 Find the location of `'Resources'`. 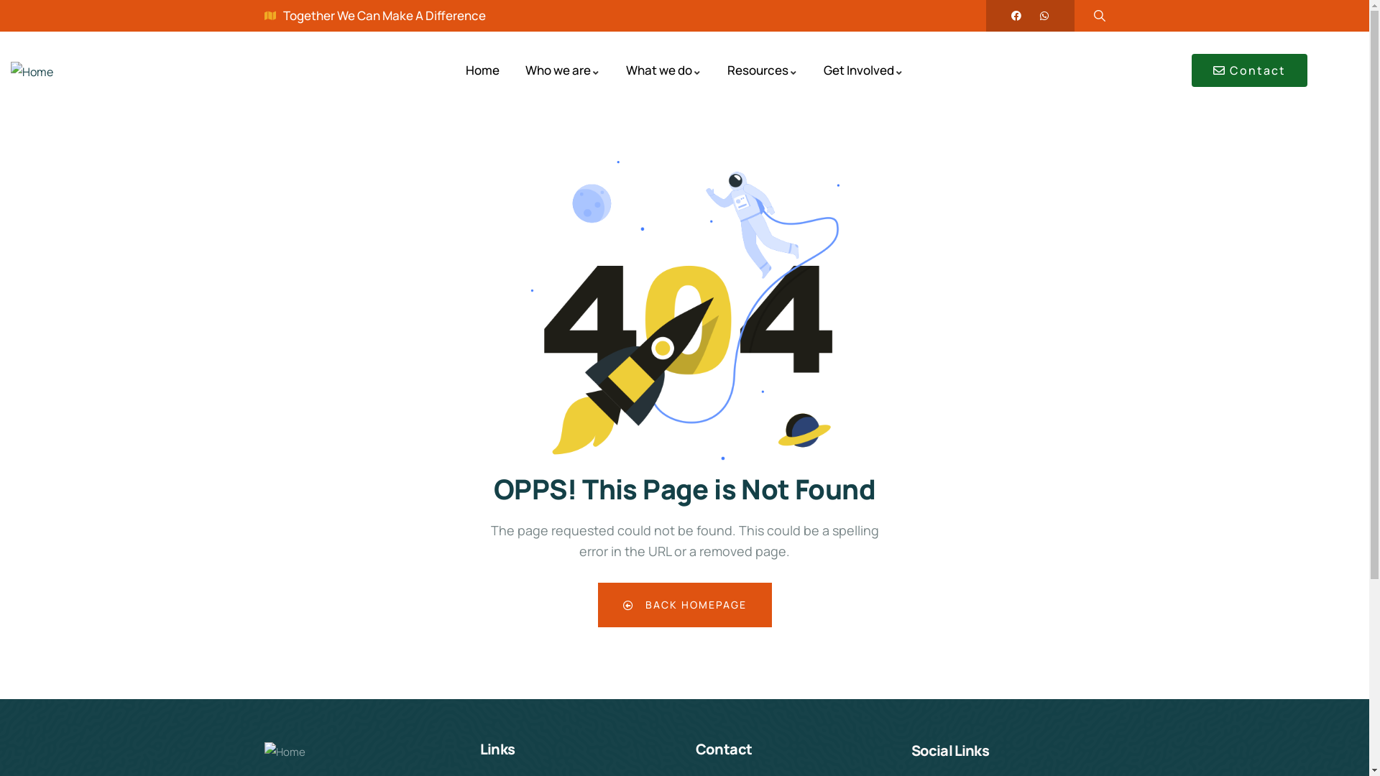

'Resources' is located at coordinates (727, 70).